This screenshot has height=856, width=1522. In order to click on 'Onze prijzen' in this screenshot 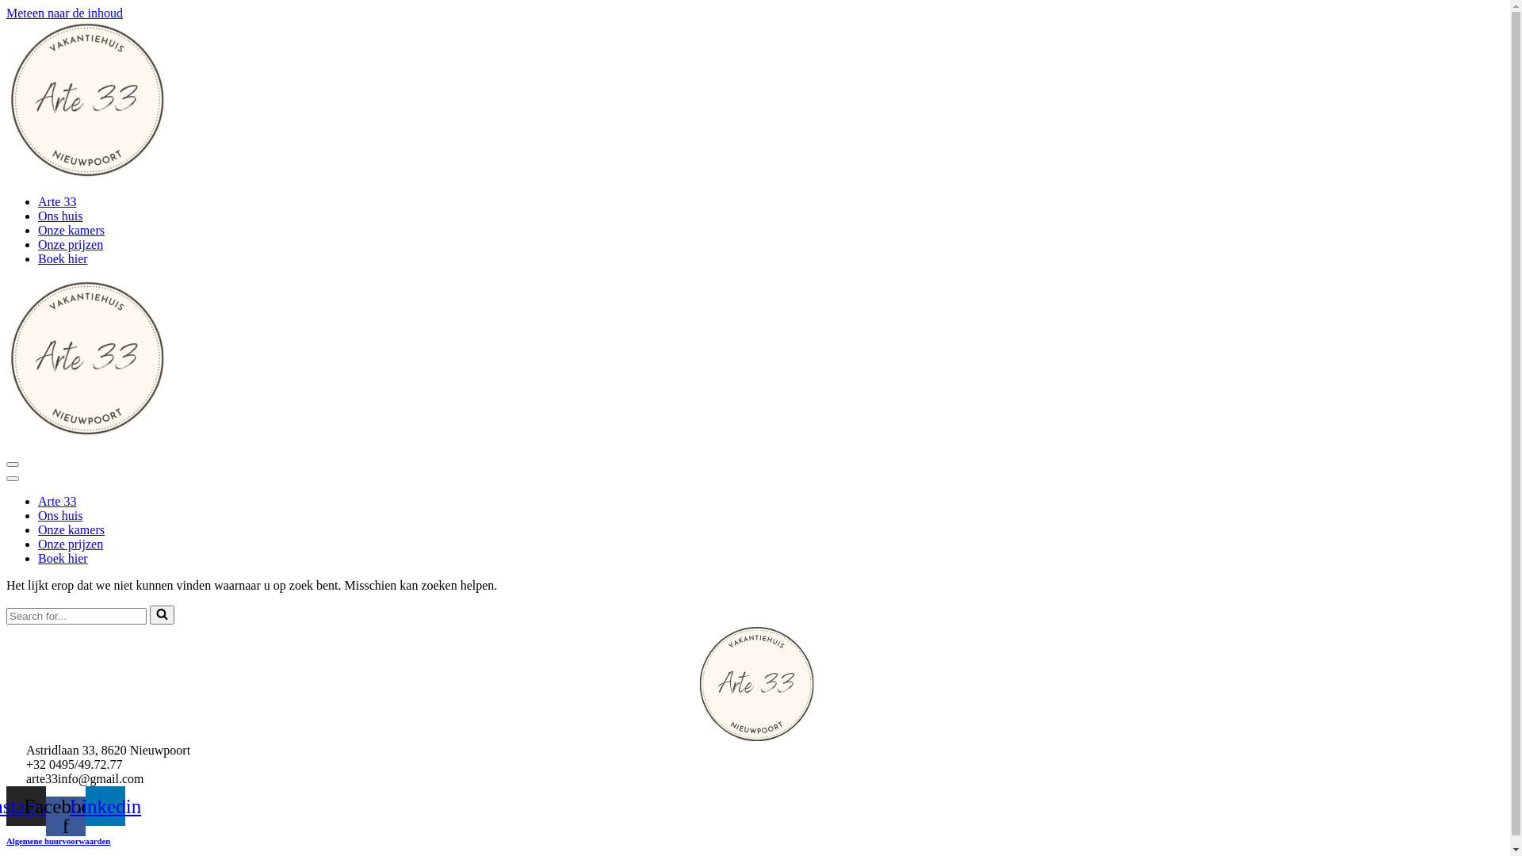, I will do `click(38, 543)`.